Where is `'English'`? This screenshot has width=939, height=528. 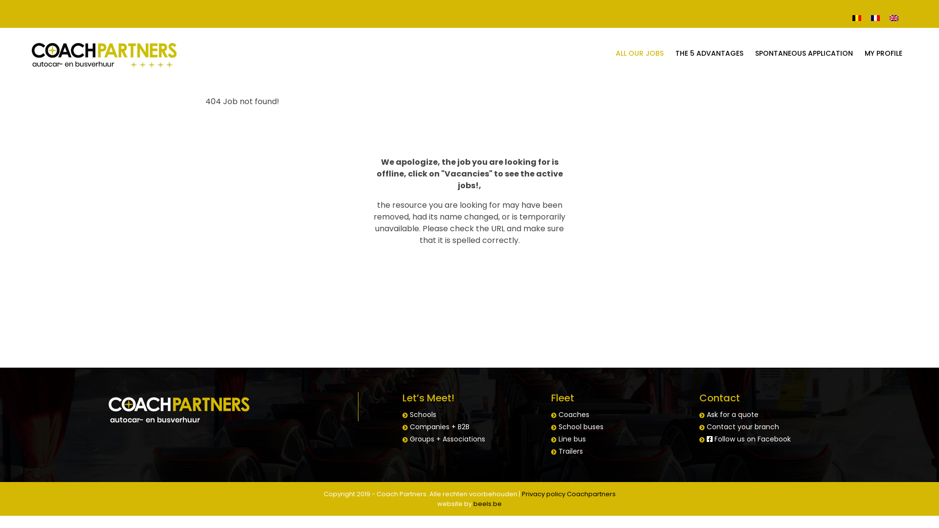 'English' is located at coordinates (894, 17).